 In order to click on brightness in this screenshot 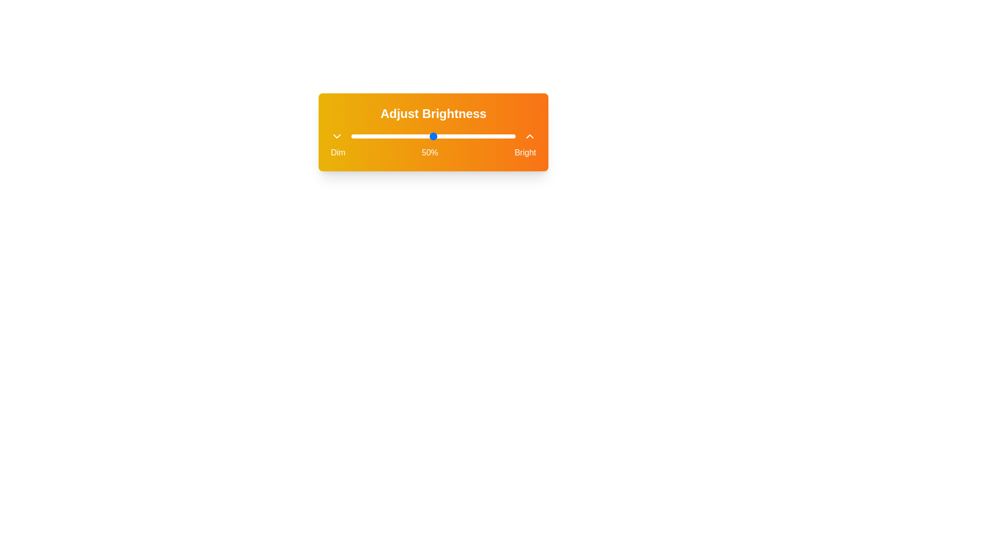, I will do `click(505, 136)`.